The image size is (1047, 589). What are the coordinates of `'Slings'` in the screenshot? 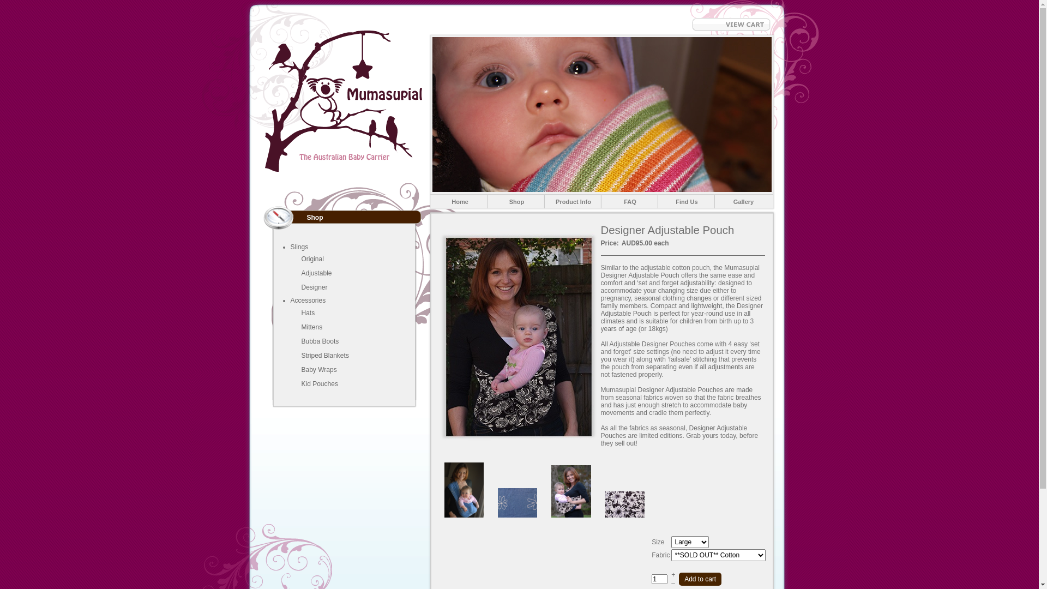 It's located at (299, 247).